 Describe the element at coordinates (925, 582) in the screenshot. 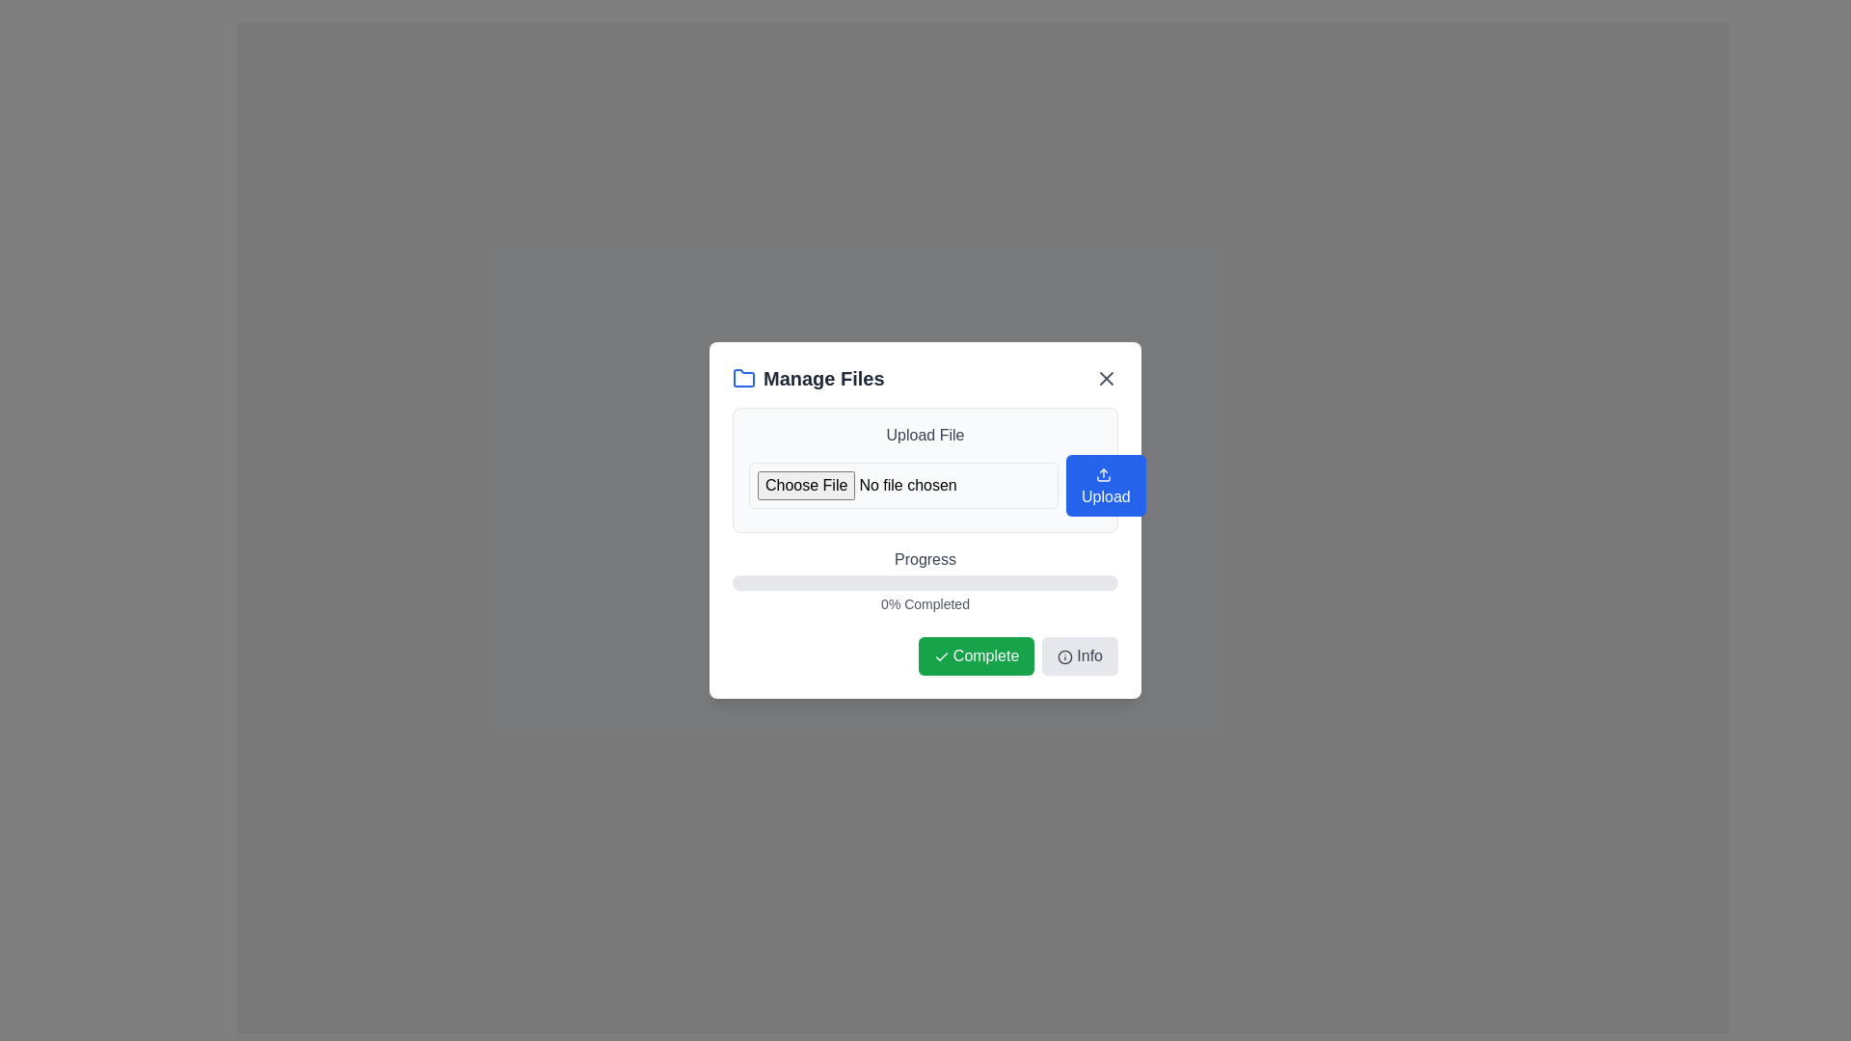

I see `the Progress bar located below the text 'Progress' and above '0% Completed' in the centered modal dialog` at that location.